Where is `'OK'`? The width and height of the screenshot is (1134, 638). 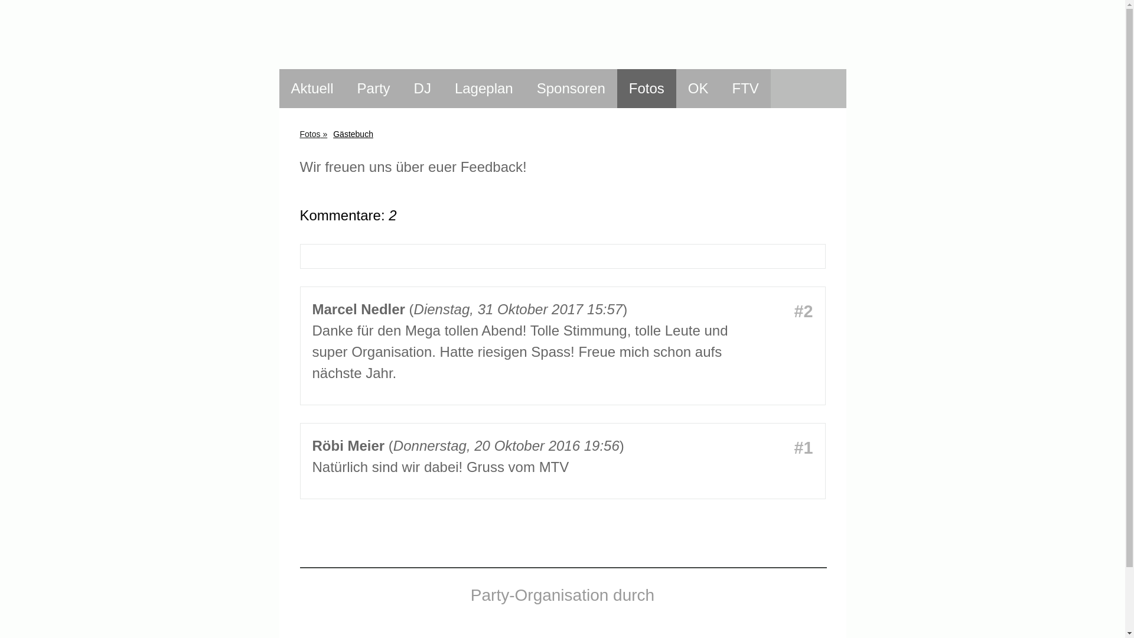 'OK' is located at coordinates (698, 88).